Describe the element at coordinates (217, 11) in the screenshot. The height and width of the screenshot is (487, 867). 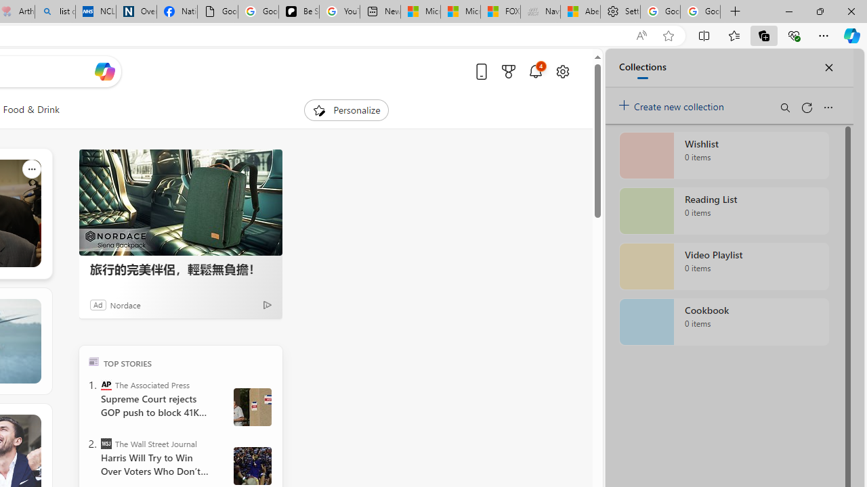
I see `'Google Analytics Opt-out Browser Add-on Download Page'` at that location.